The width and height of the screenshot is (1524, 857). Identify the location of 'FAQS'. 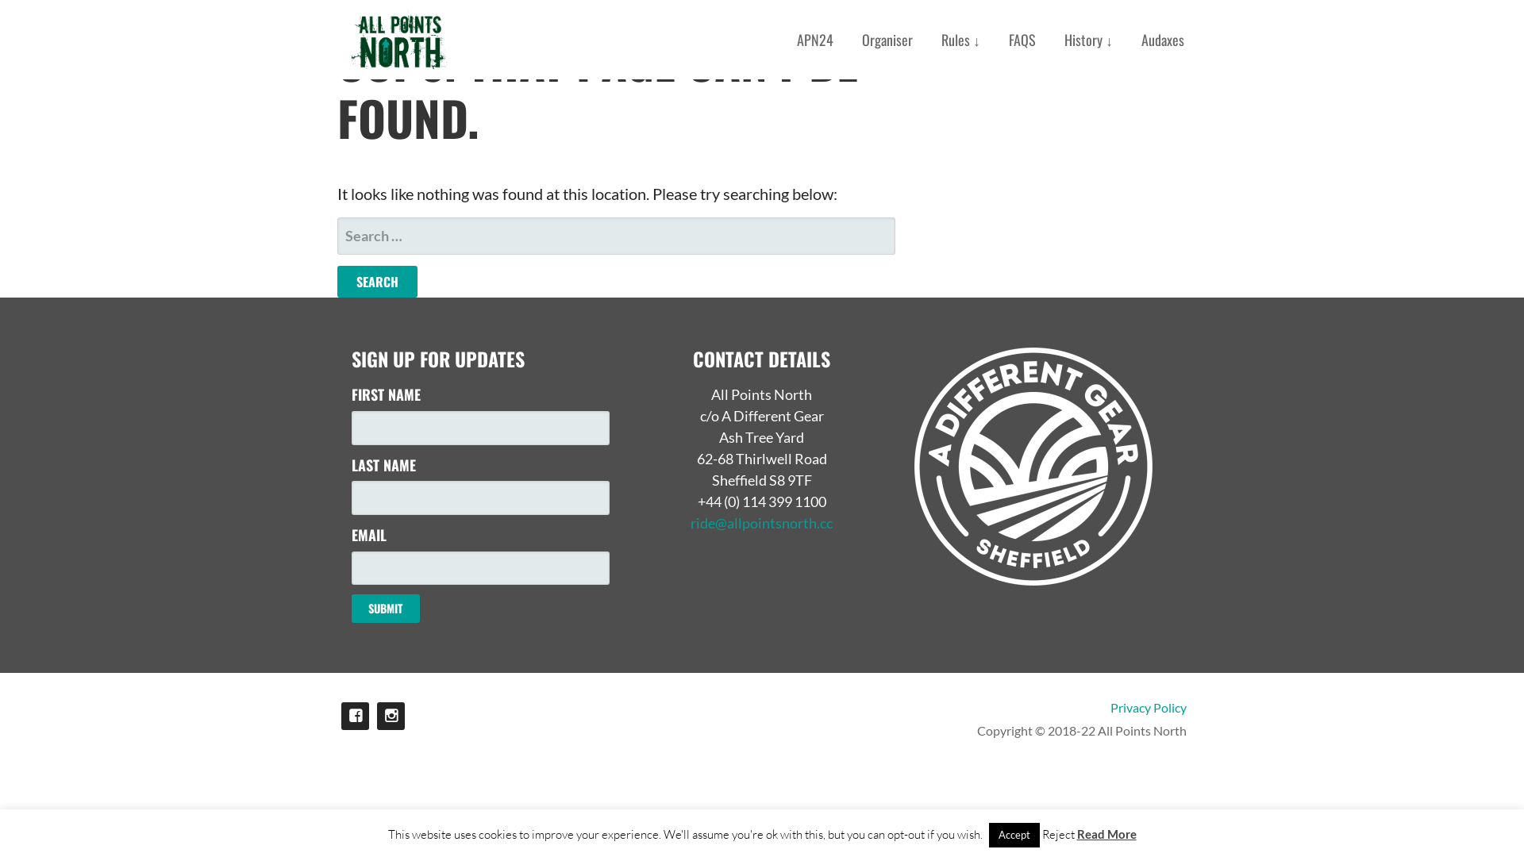
(1022, 39).